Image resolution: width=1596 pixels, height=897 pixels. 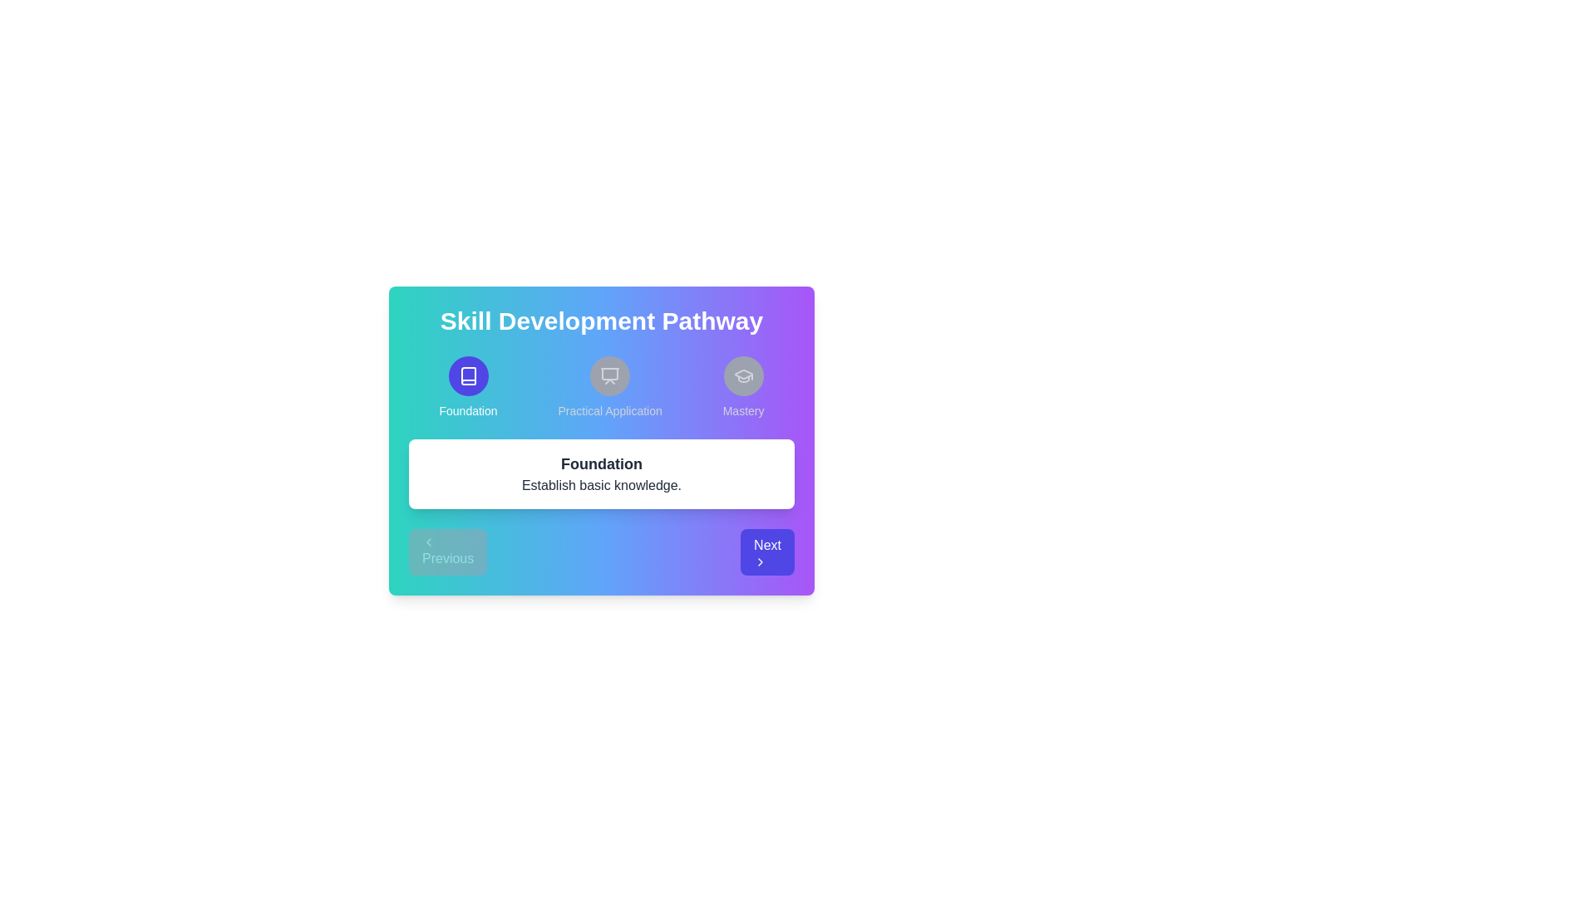 I want to click on the phase indicator for Foundation to jump to that phase, so click(x=467, y=387).